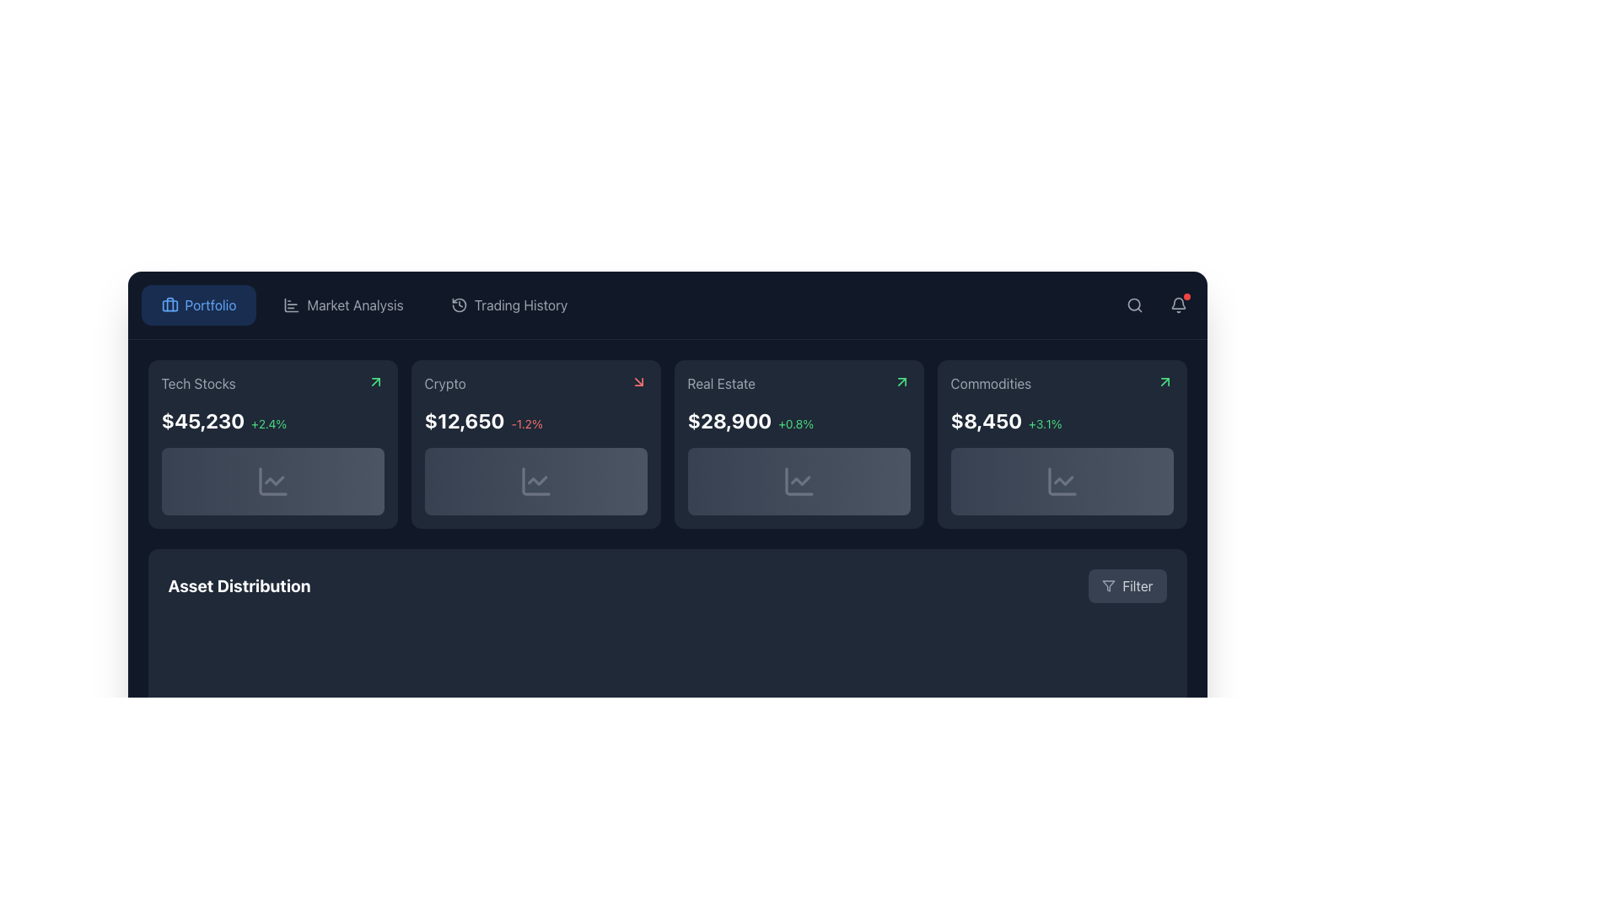 The image size is (1619, 911). What do you see at coordinates (342, 305) in the screenshot?
I see `the 'Market Analysis' button, which is the second button` at bounding box center [342, 305].